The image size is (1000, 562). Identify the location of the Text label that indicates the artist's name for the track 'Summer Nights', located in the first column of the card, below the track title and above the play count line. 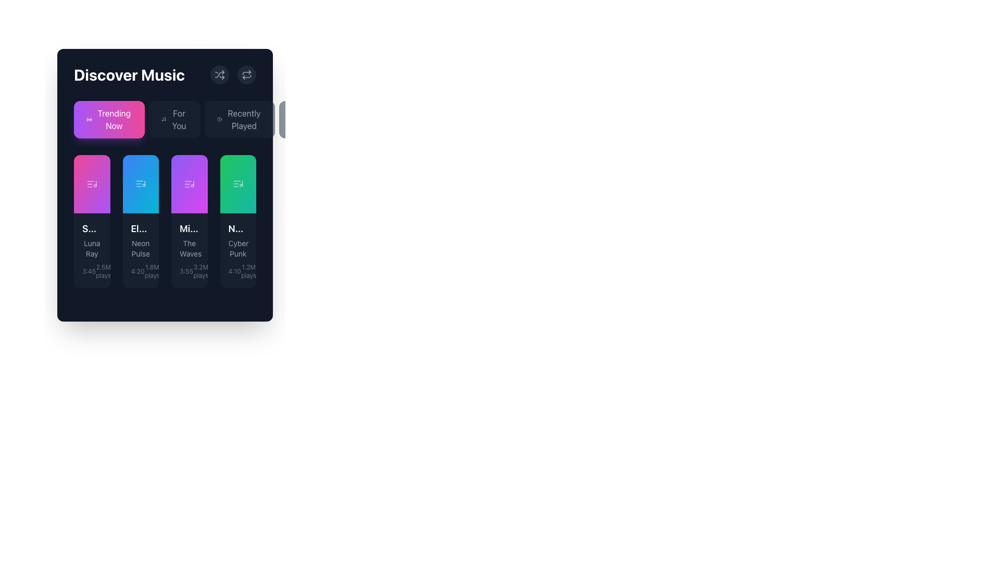
(92, 249).